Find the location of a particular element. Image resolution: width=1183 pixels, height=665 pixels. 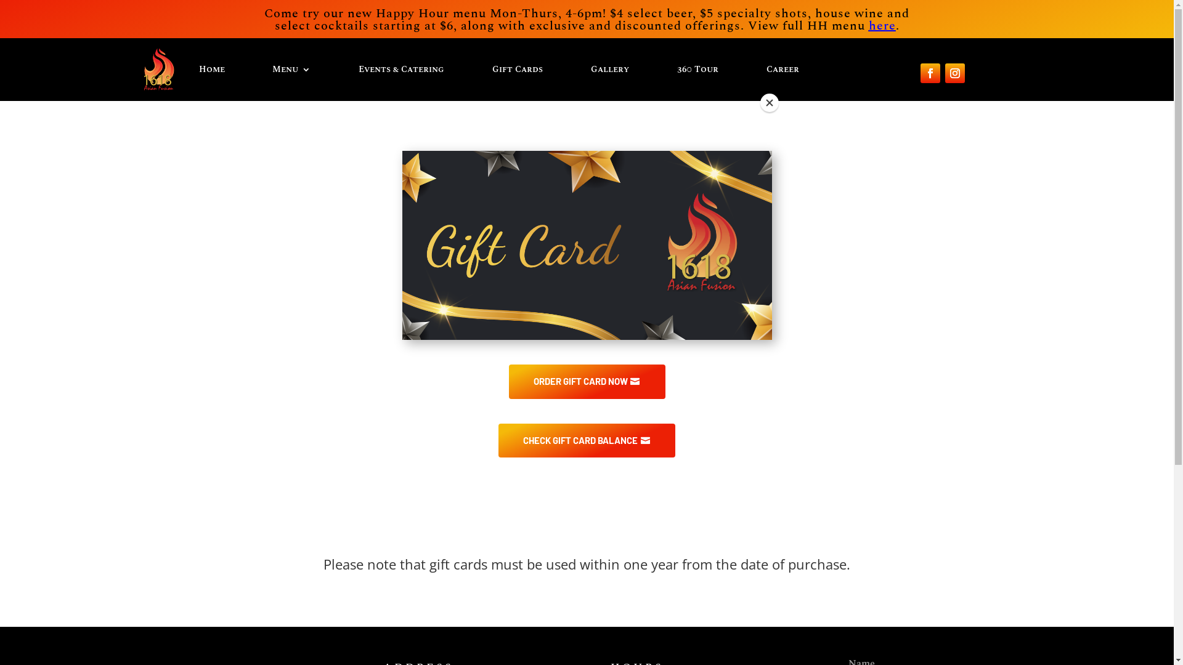

'360 Tour' is located at coordinates (697, 69).